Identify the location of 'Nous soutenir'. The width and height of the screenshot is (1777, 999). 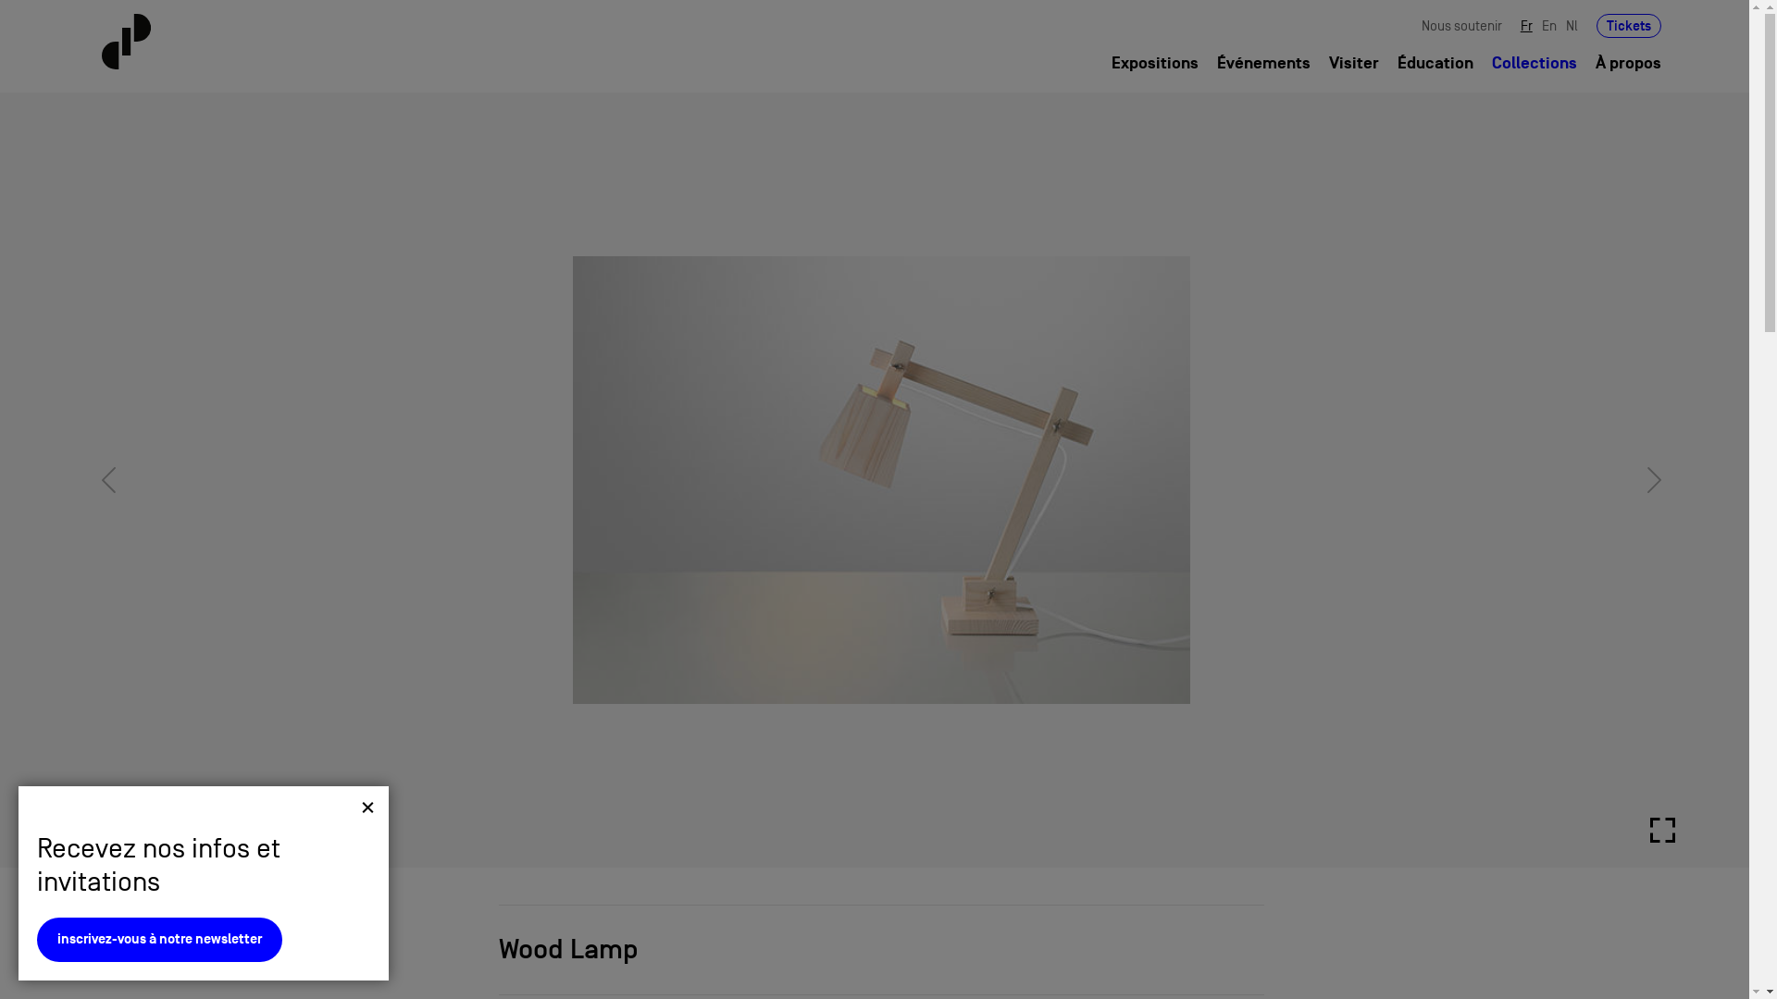
(1460, 25).